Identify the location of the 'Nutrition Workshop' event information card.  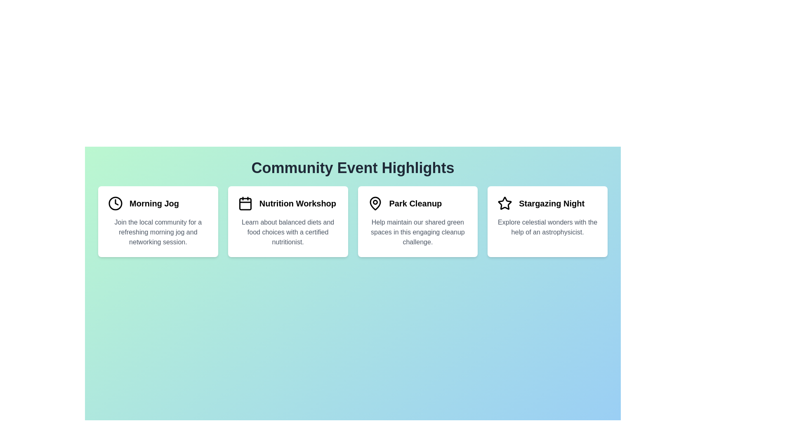
(288, 221).